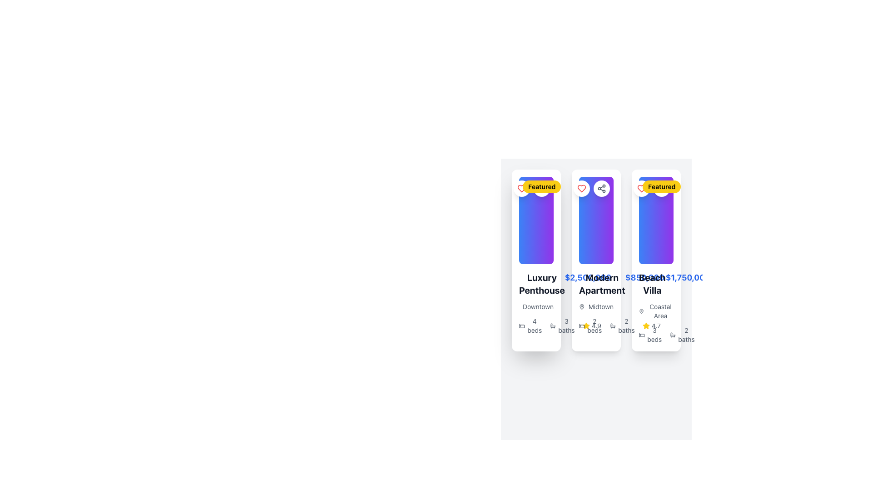 This screenshot has width=872, height=491. Describe the element at coordinates (662, 186) in the screenshot. I see `the yellow elliptical badge labeled 'Featured' at the top-left corner of the 'Beach Villa' property card` at that location.